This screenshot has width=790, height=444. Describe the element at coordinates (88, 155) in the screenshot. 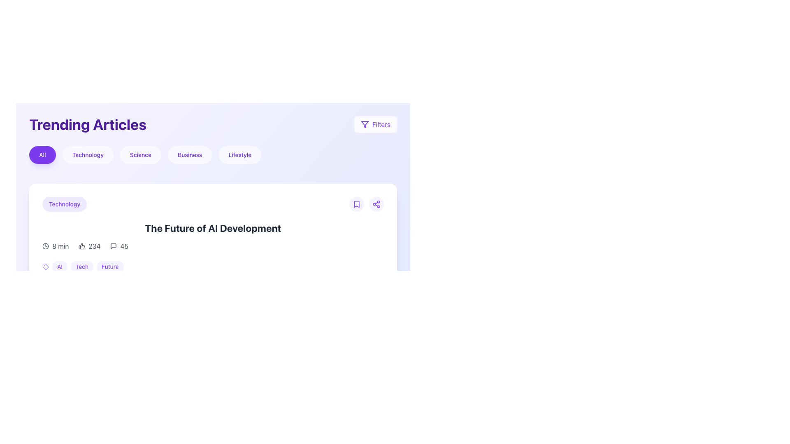

I see `the second button in the horizontal list of category filters under the 'Trending Articles' heading to change its background color` at that location.